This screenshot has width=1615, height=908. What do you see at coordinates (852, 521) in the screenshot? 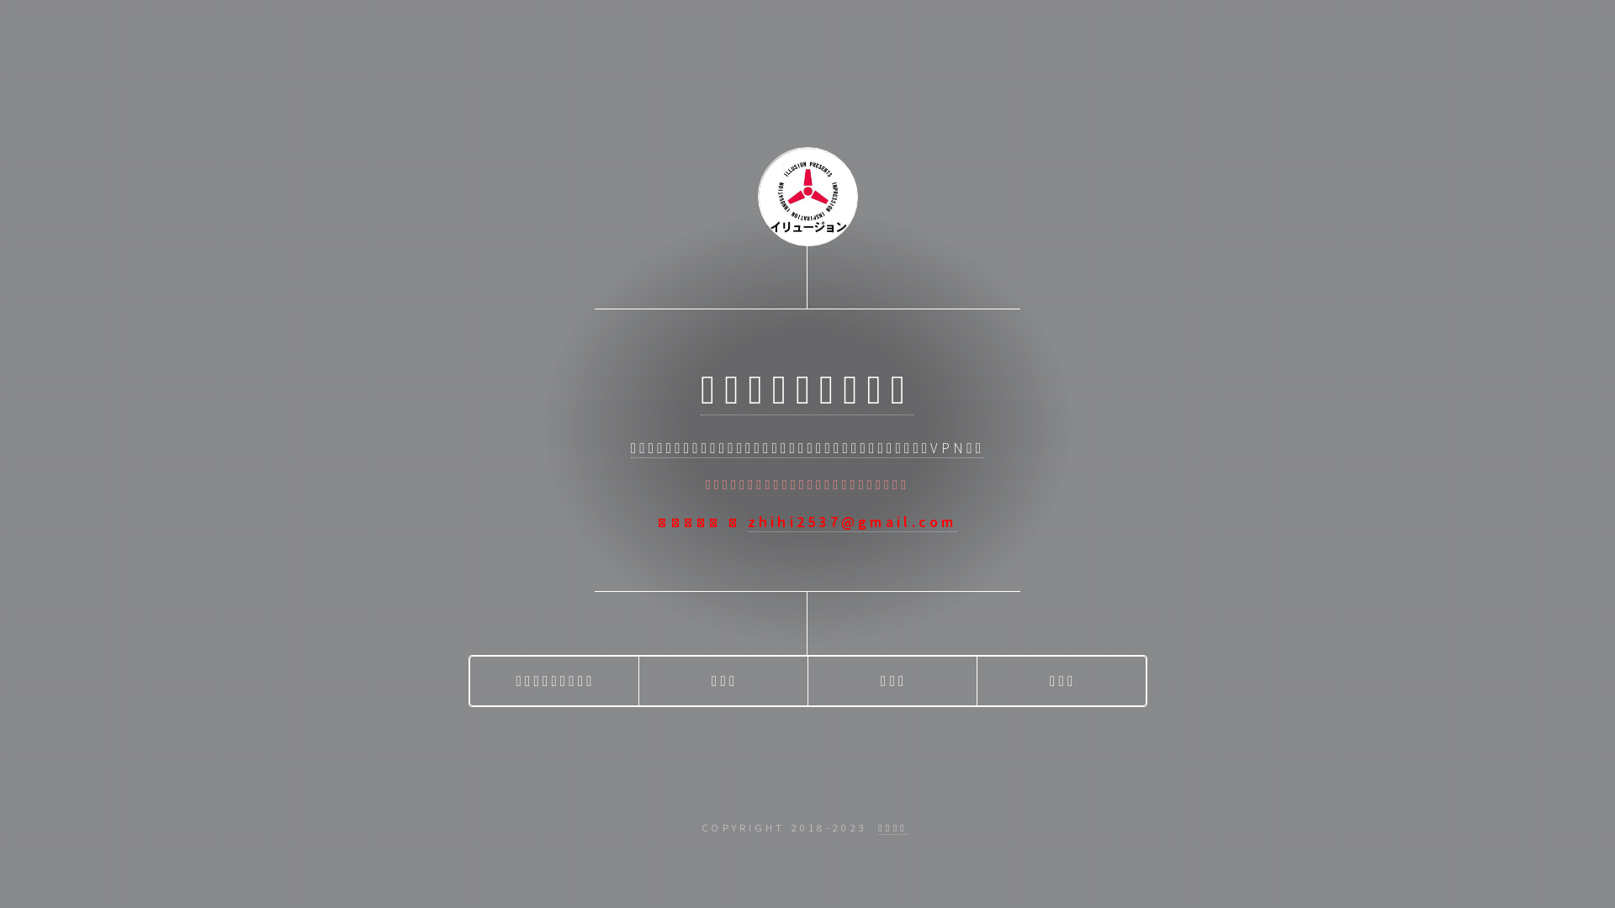
I see `'zhihi2537@gmail.com'` at bounding box center [852, 521].